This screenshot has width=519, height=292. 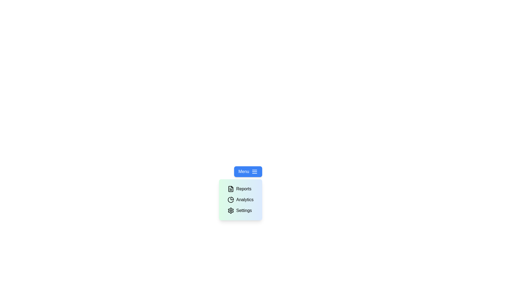 I want to click on the menu item Reports to observe its hover effect, so click(x=239, y=188).